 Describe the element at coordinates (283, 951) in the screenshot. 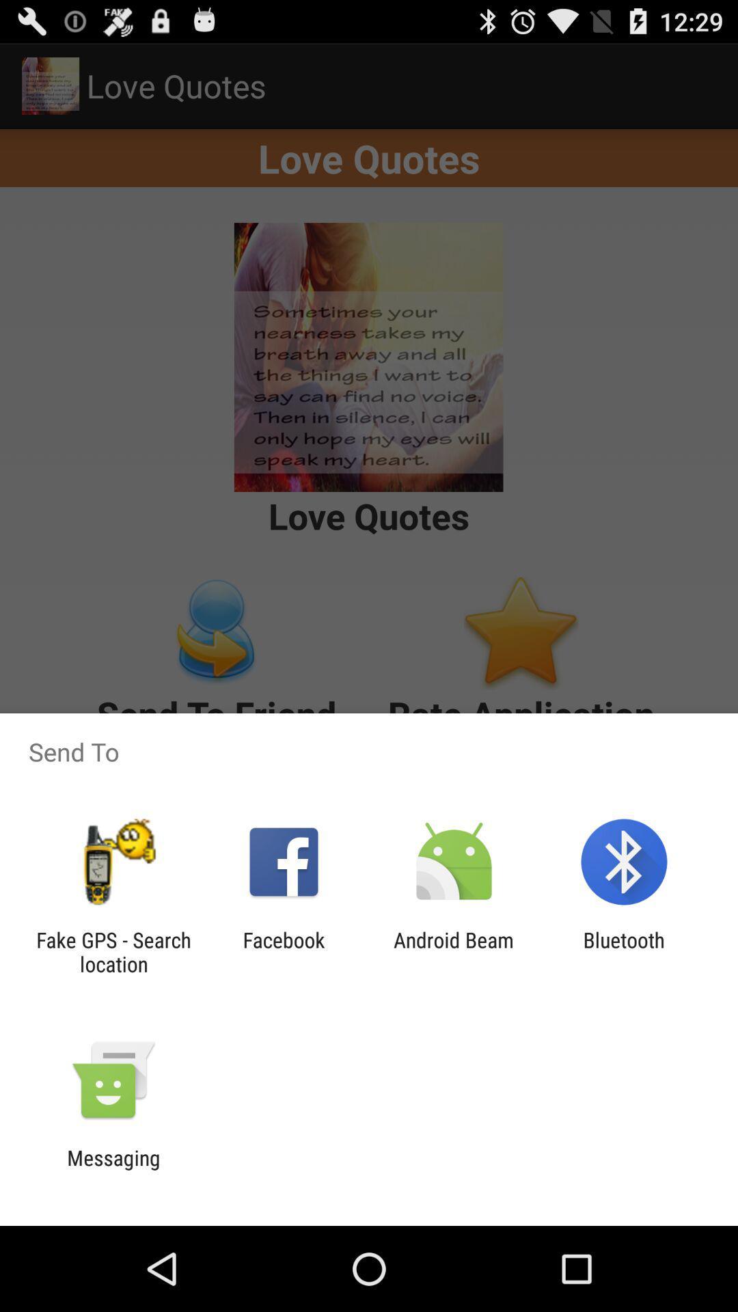

I see `app next to android beam app` at that location.